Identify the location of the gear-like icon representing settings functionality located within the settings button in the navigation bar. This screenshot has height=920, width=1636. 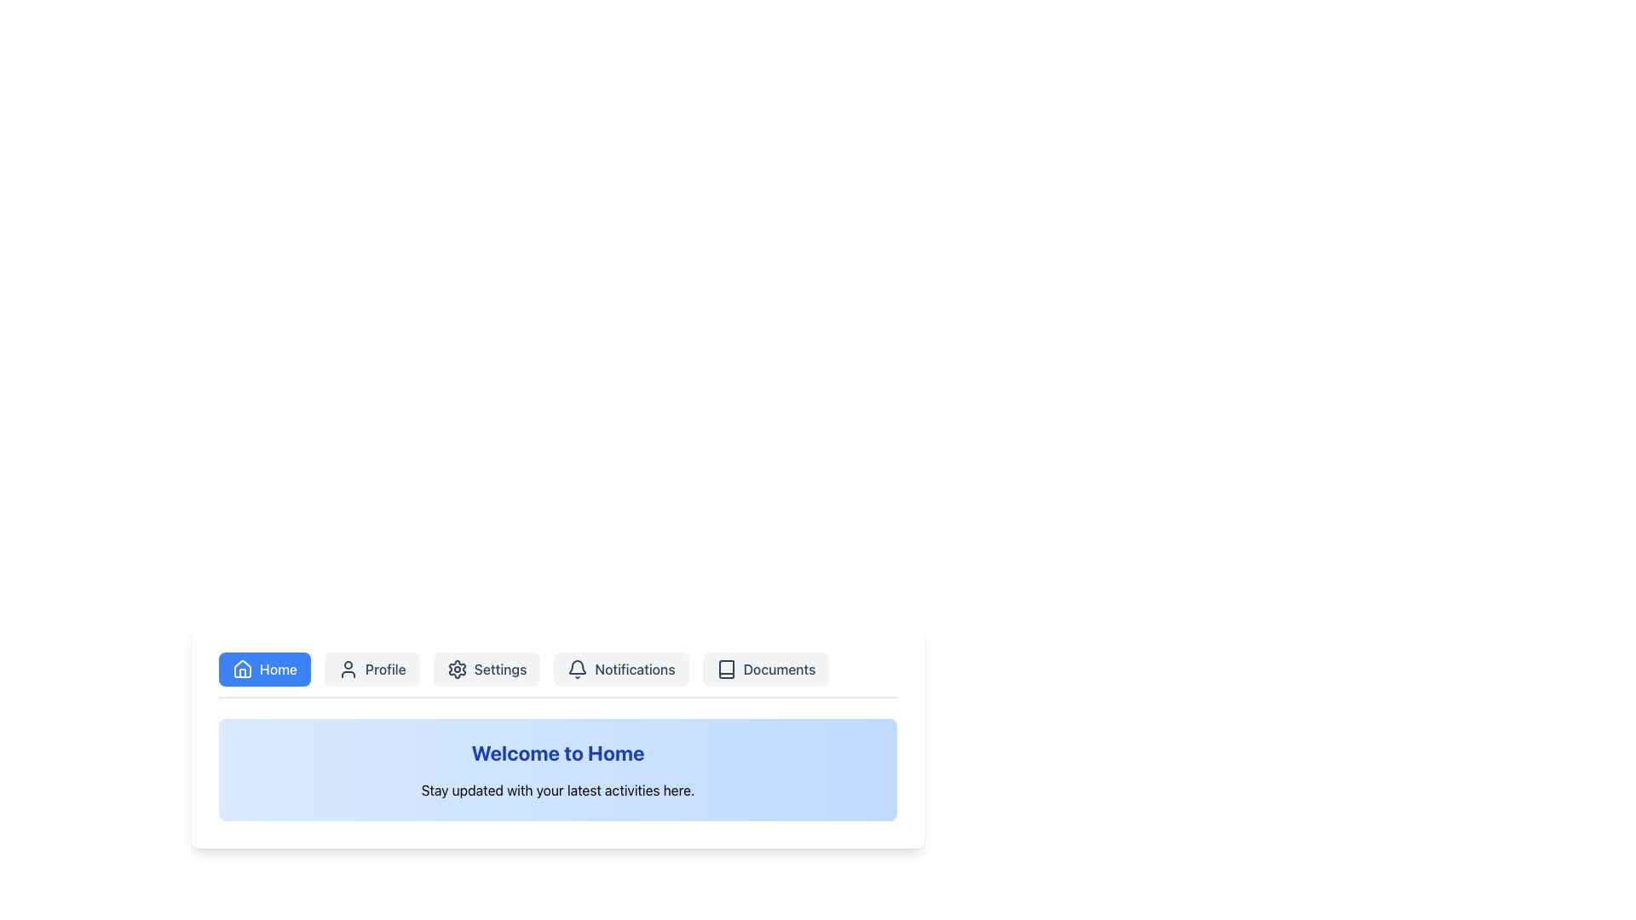
(457, 669).